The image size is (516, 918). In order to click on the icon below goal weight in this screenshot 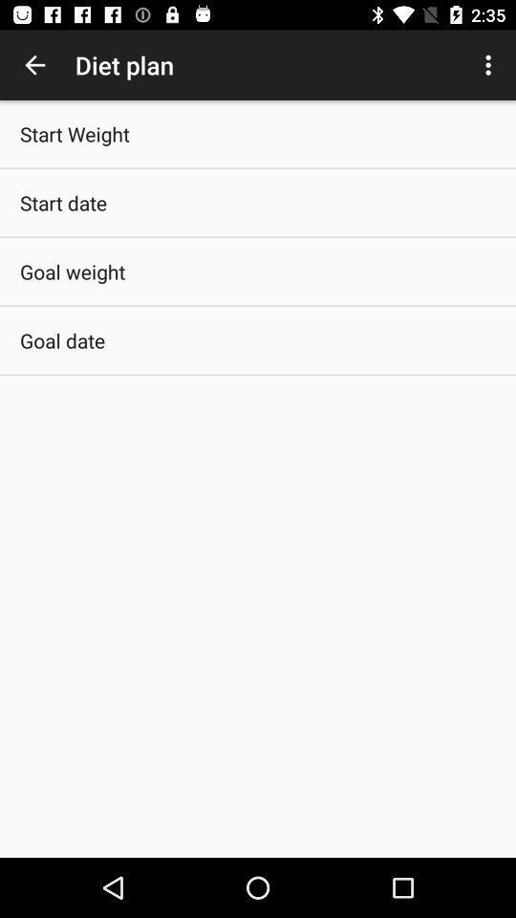, I will do `click(62, 340)`.